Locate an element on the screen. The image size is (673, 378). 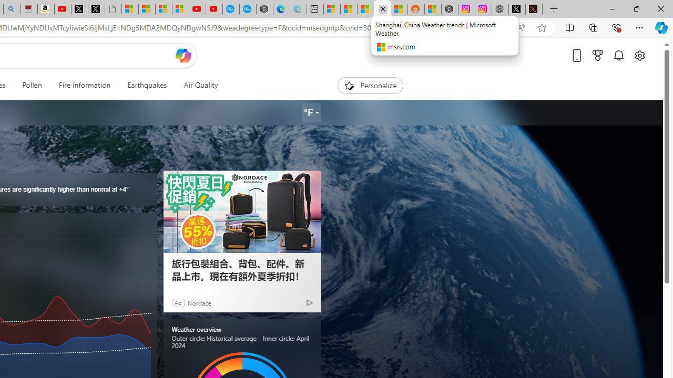
'Nordace (@NordaceOfficial) / X' is located at coordinates (517, 9).